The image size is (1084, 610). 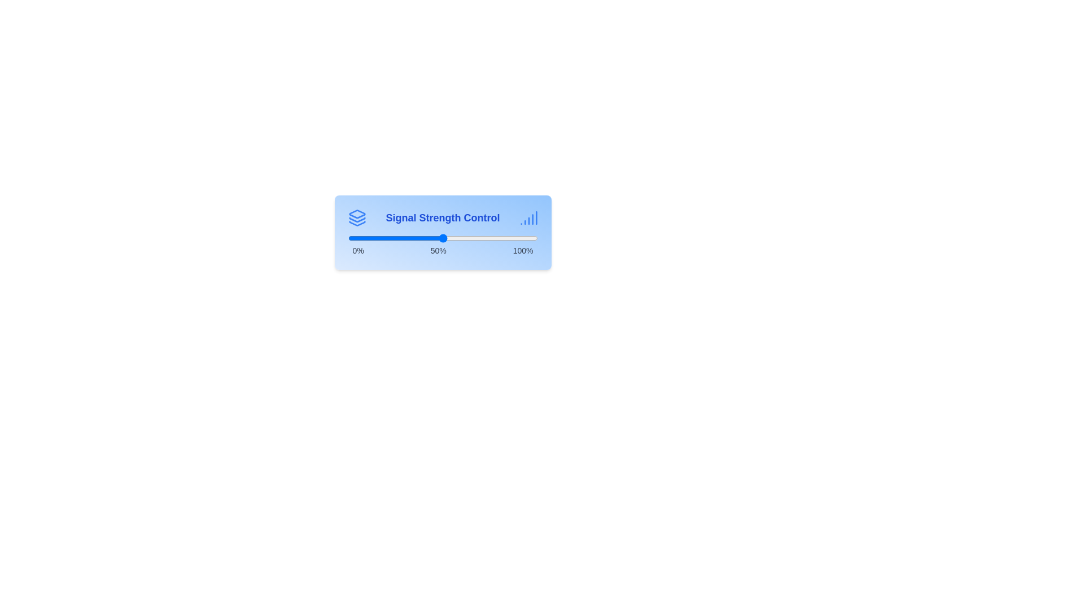 What do you see at coordinates (486, 237) in the screenshot?
I see `the signal strength slider to 73%` at bounding box center [486, 237].